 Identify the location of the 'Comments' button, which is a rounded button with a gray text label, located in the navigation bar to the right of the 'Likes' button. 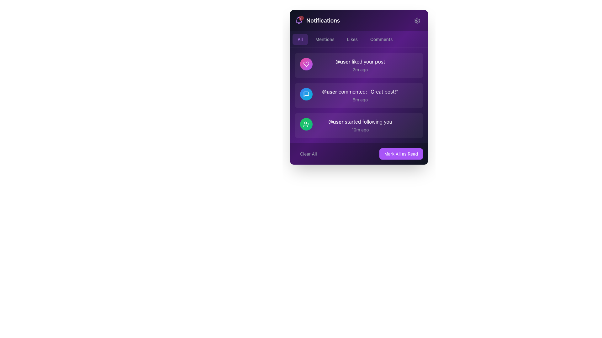
(381, 39).